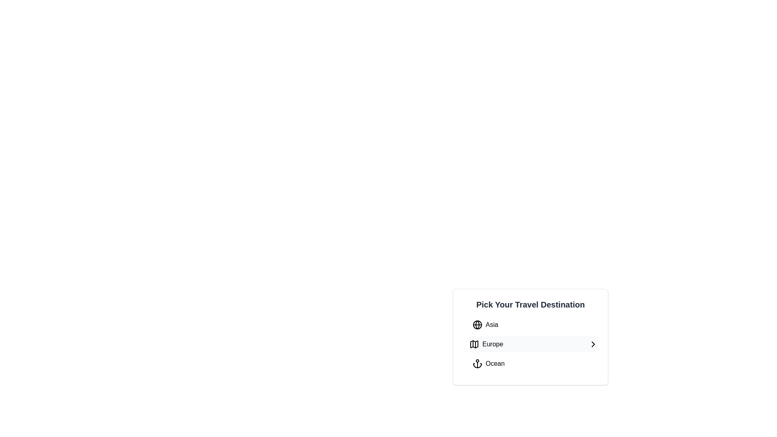 This screenshot has height=437, width=777. I want to click on the curved line of the anchor icon, which is styled with a black stroke and no fill, located to the left of the 'Ocean' text in the travel destinations list, so click(478, 365).